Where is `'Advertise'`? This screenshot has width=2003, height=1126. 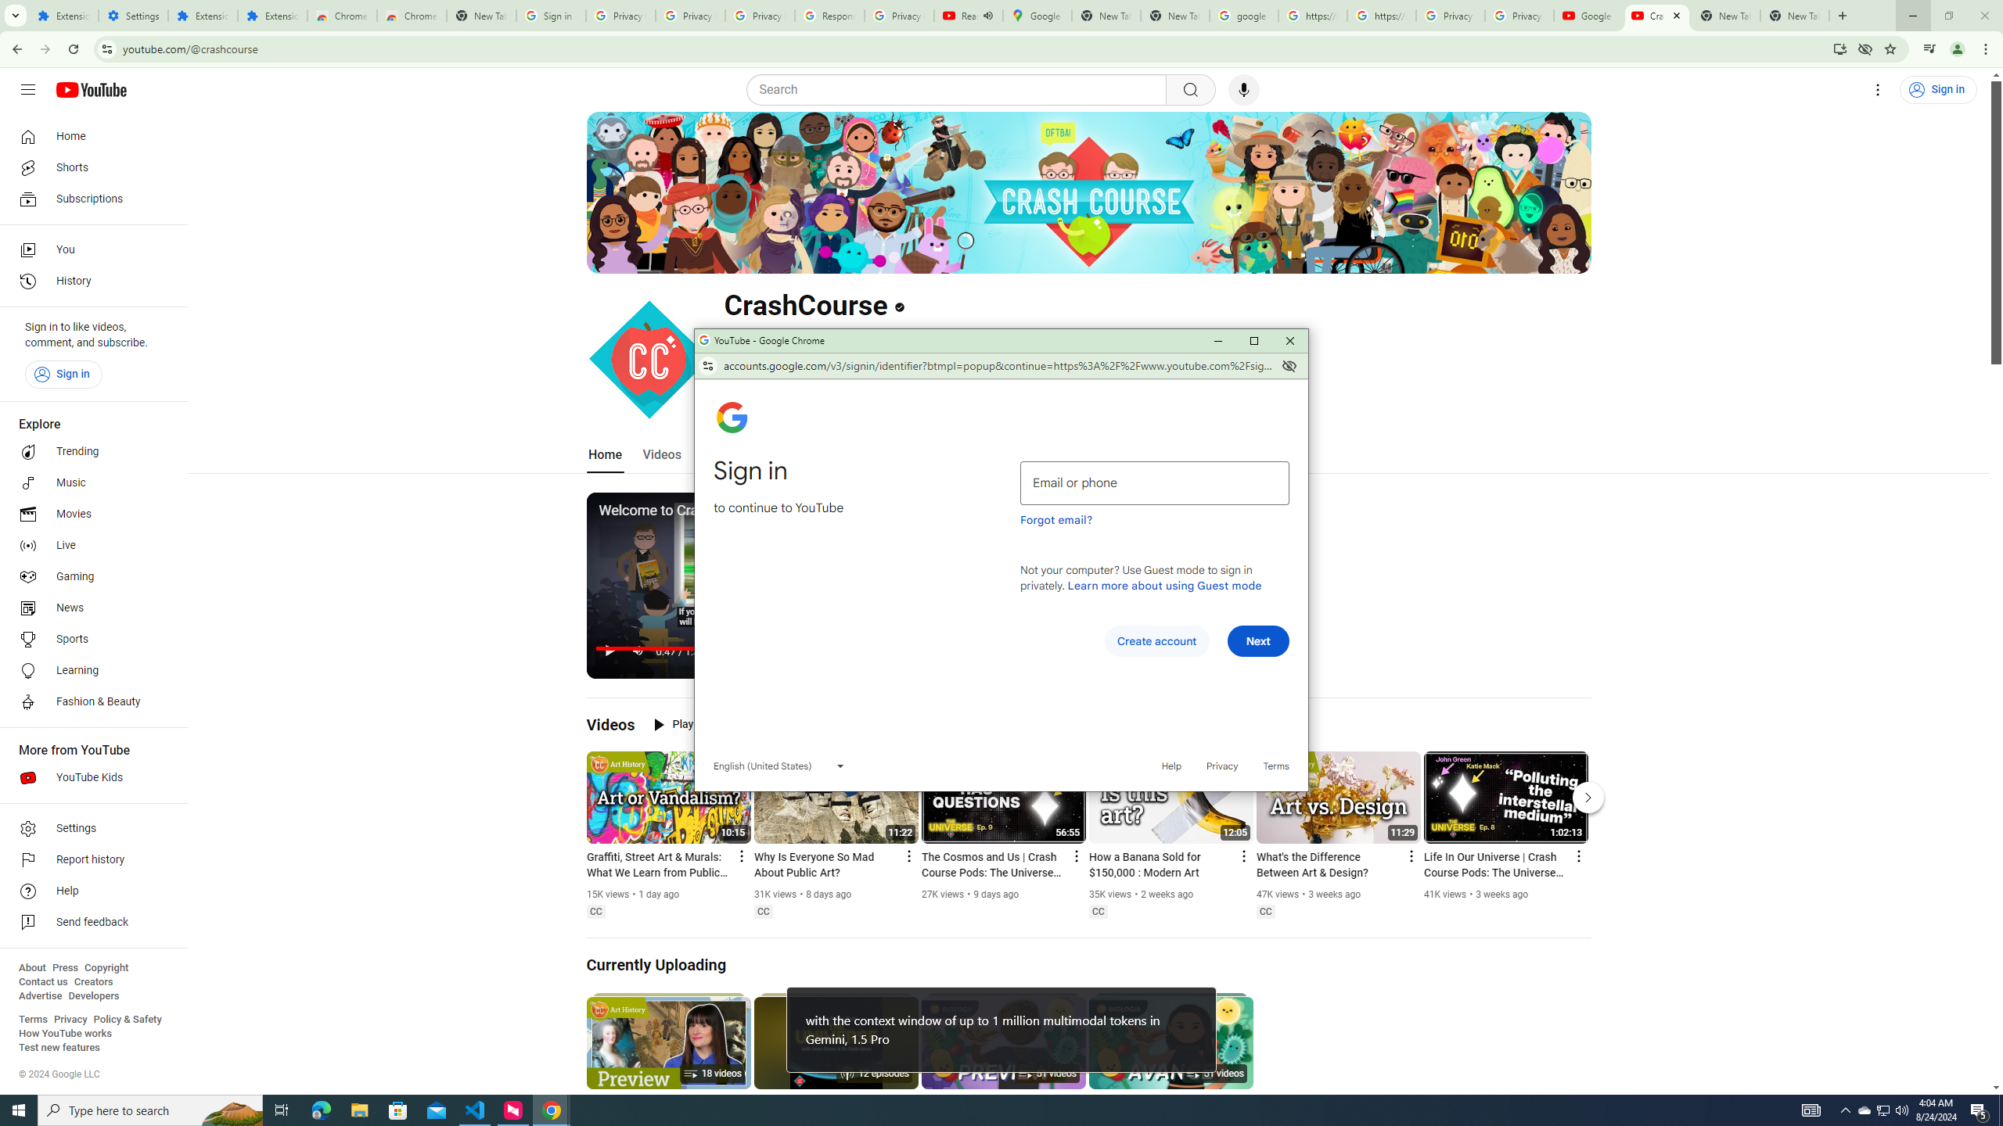 'Advertise' is located at coordinates (39, 995).